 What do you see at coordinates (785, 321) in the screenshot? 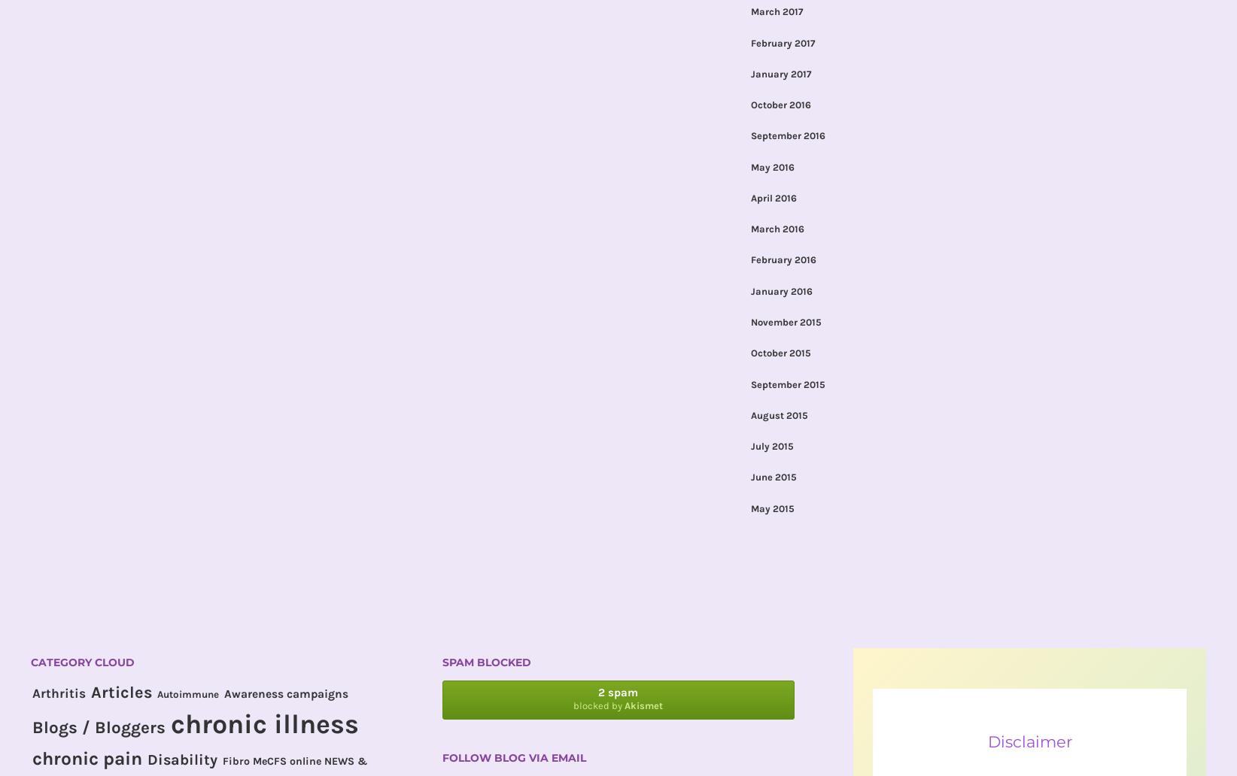
I see `'November 2015'` at bounding box center [785, 321].